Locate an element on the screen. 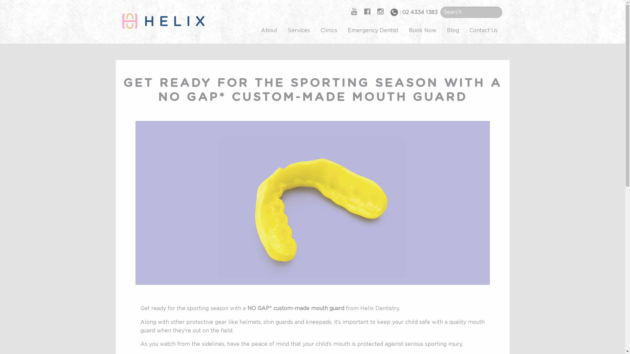 Image resolution: width=630 pixels, height=354 pixels. 'Search' is located at coordinates (14, 5).